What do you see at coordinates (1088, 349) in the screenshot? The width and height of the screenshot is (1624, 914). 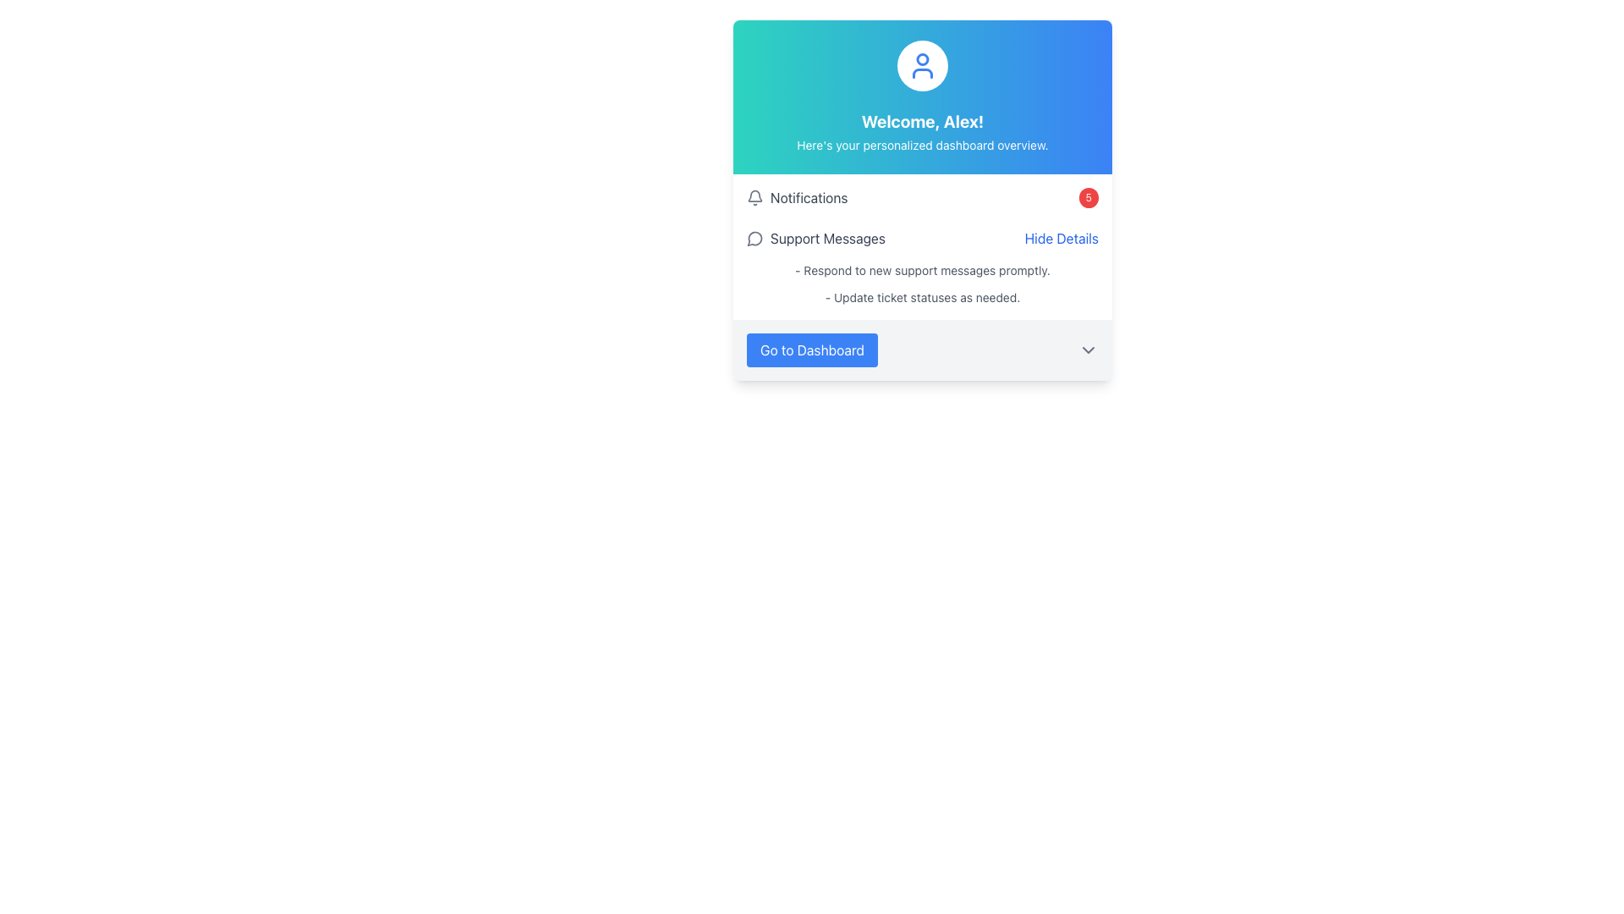 I see `the downward chevron SVG icon located to the right of the 'Go to Dashboard' button` at bounding box center [1088, 349].